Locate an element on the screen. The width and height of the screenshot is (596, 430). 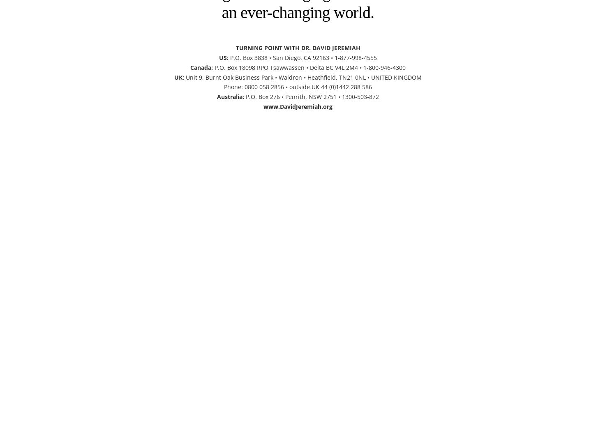
'Canada:' is located at coordinates (201, 67).